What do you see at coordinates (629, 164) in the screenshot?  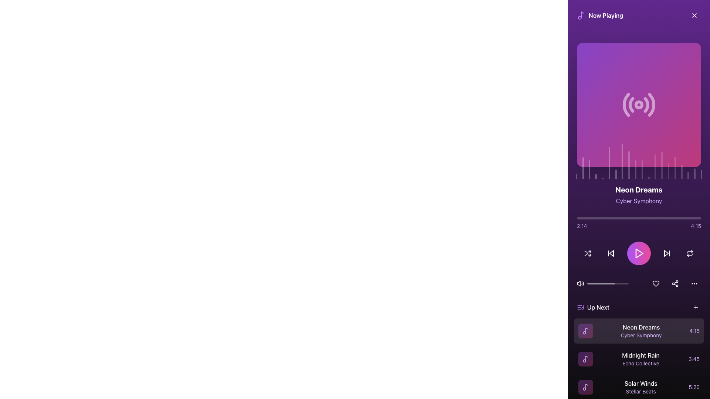 I see `the 9th audio visualization bar, which is a narrow vertical bar with a rounded top and a pulsing animation, located below the audio artwork and above the music timeline slider` at bounding box center [629, 164].